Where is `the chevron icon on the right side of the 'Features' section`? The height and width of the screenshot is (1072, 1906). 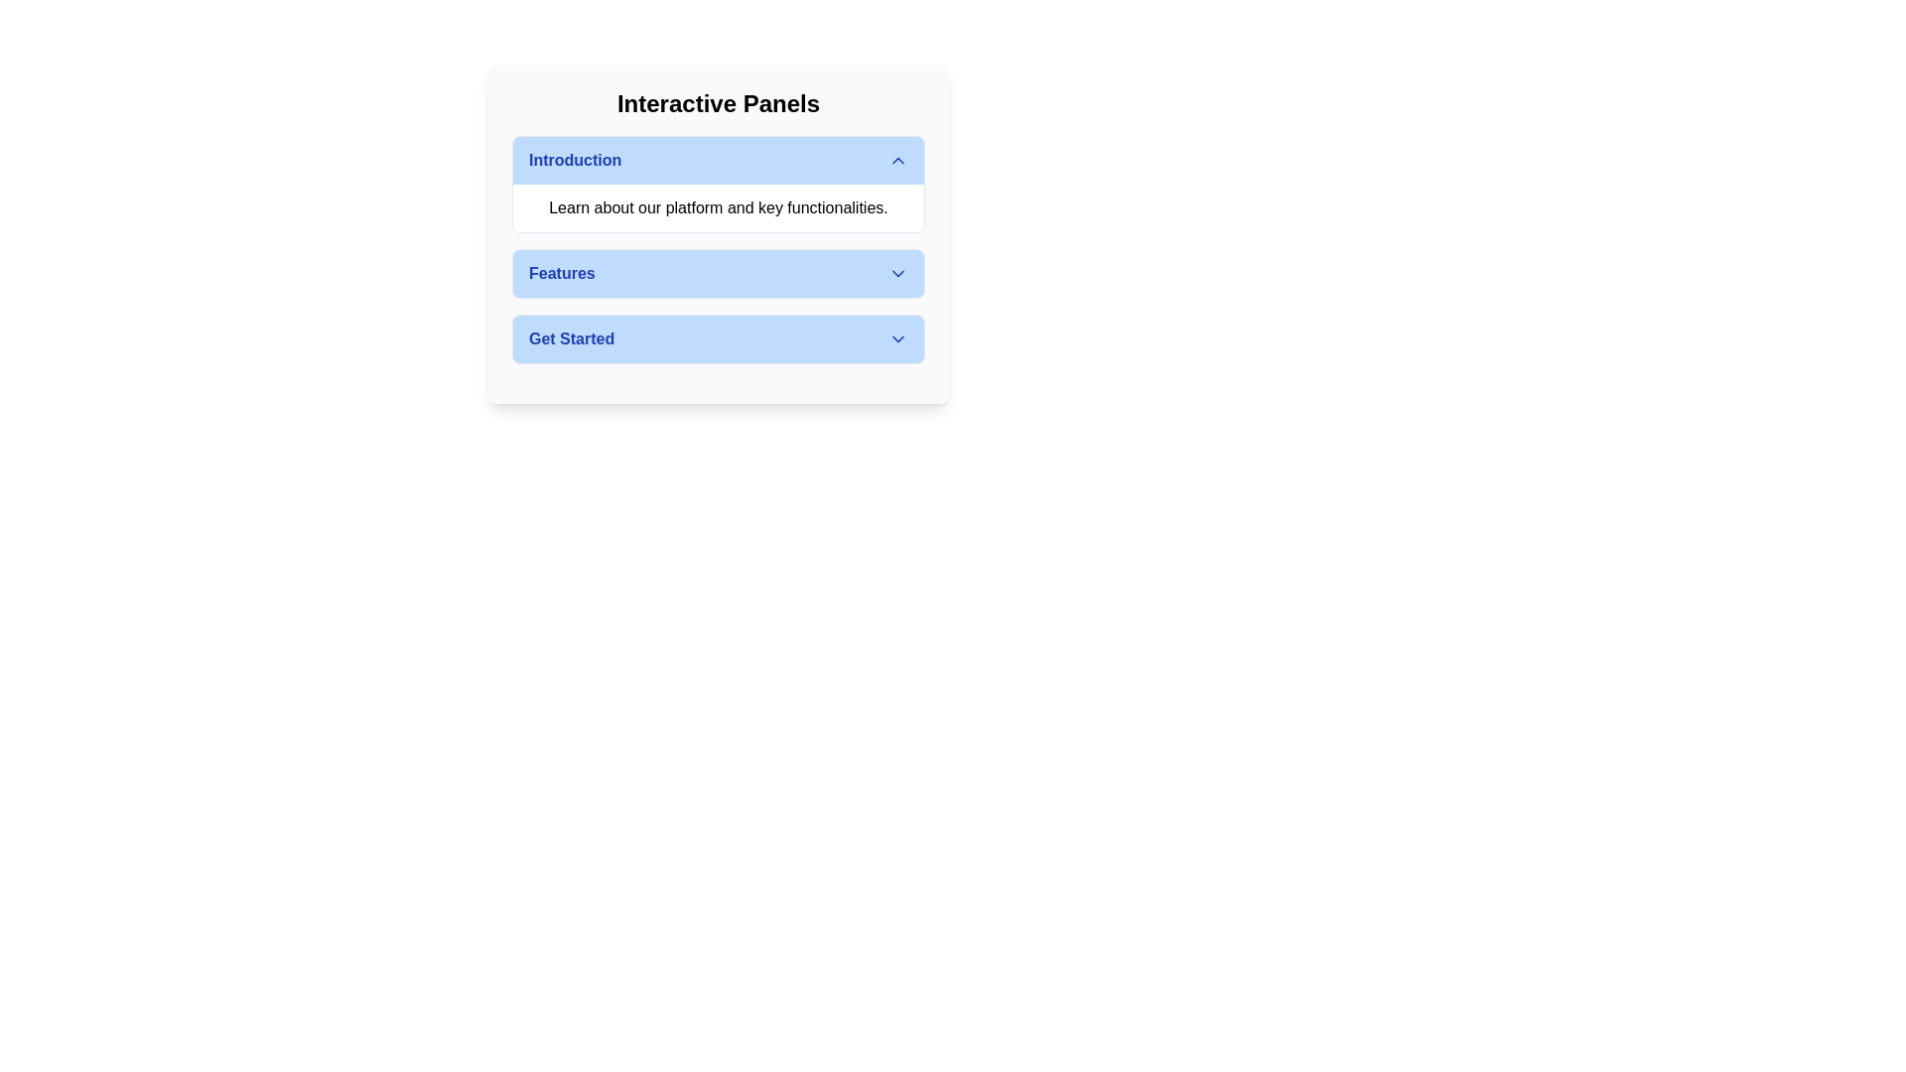 the chevron icon on the right side of the 'Features' section is located at coordinates (897, 274).